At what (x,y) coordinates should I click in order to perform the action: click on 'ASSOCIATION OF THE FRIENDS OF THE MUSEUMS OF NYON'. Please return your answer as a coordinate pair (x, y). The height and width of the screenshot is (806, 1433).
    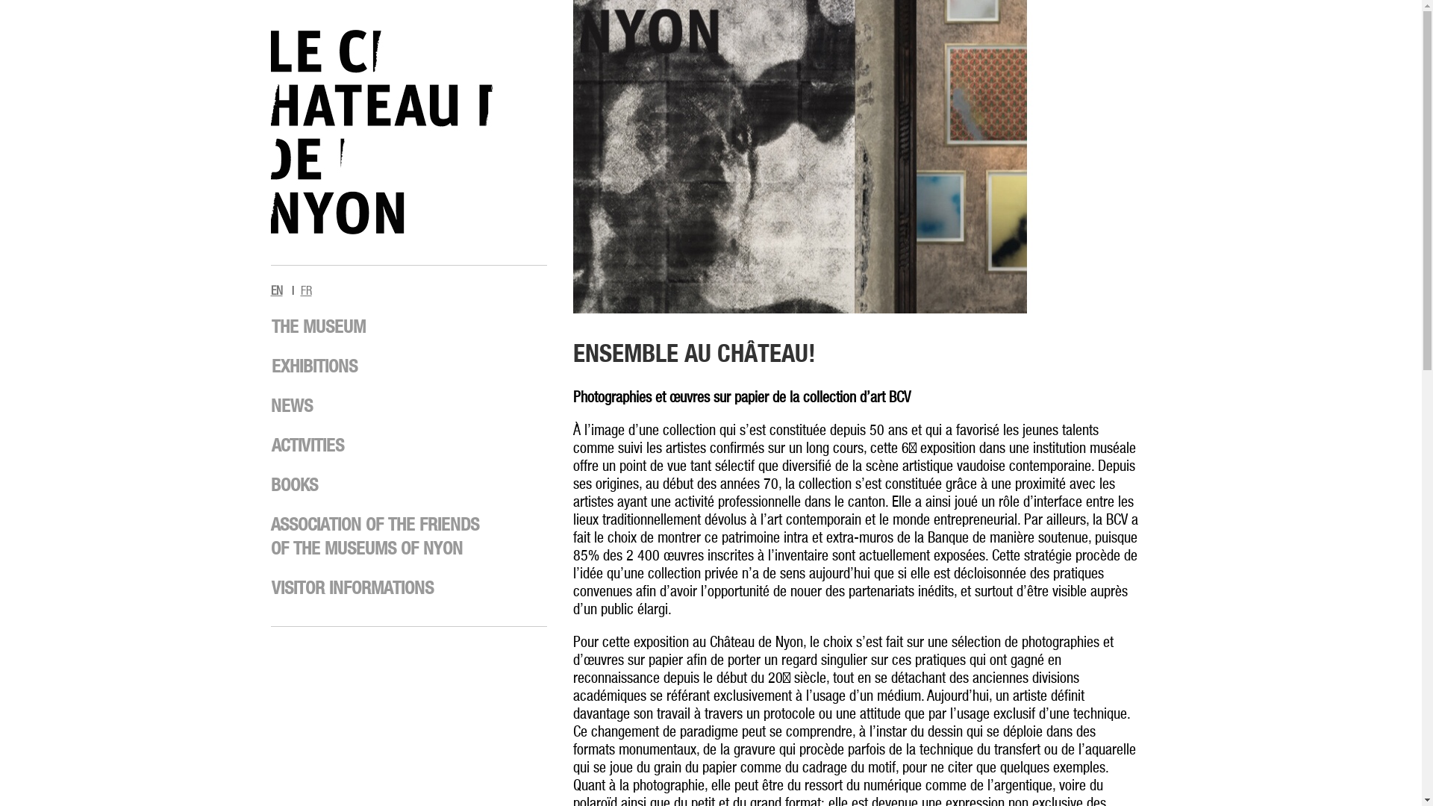
    Looking at the image, I should click on (374, 534).